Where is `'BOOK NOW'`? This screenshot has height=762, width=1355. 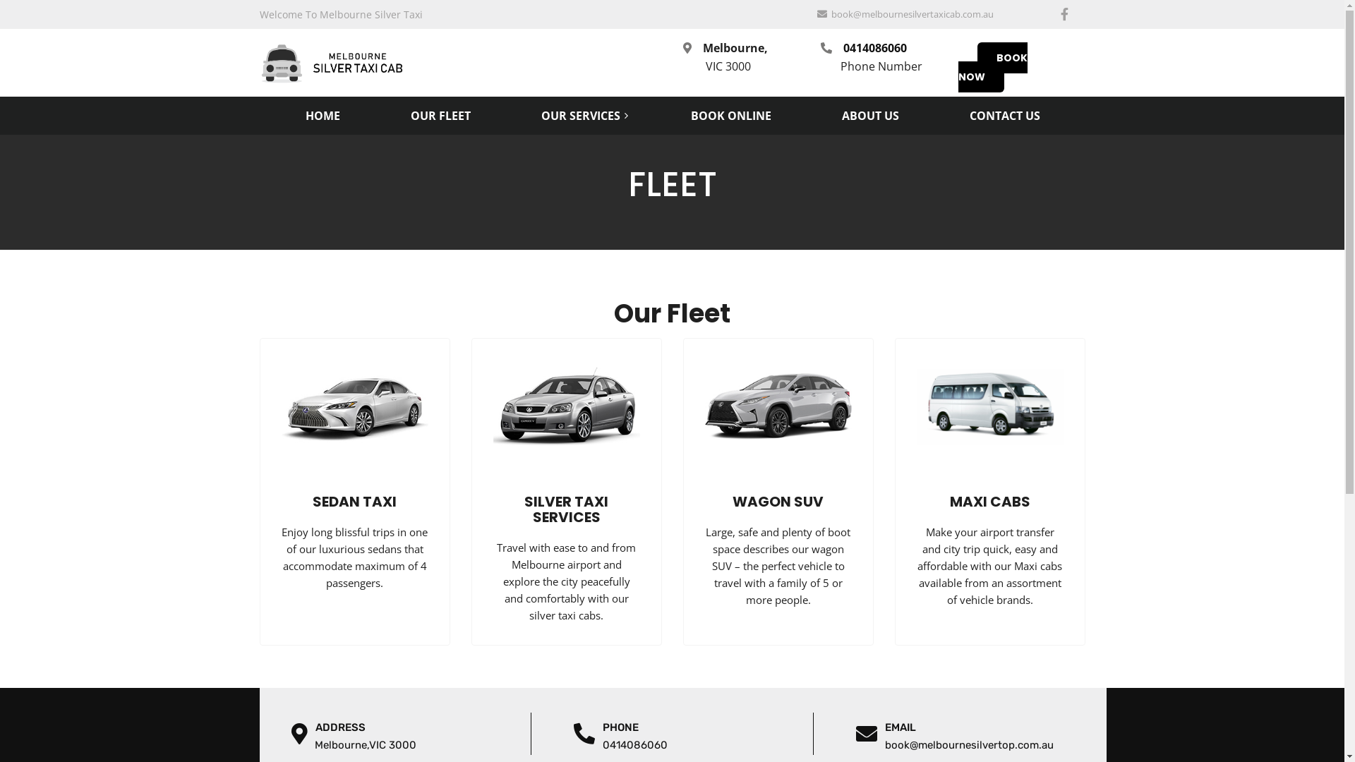 'BOOK NOW' is located at coordinates (992, 67).